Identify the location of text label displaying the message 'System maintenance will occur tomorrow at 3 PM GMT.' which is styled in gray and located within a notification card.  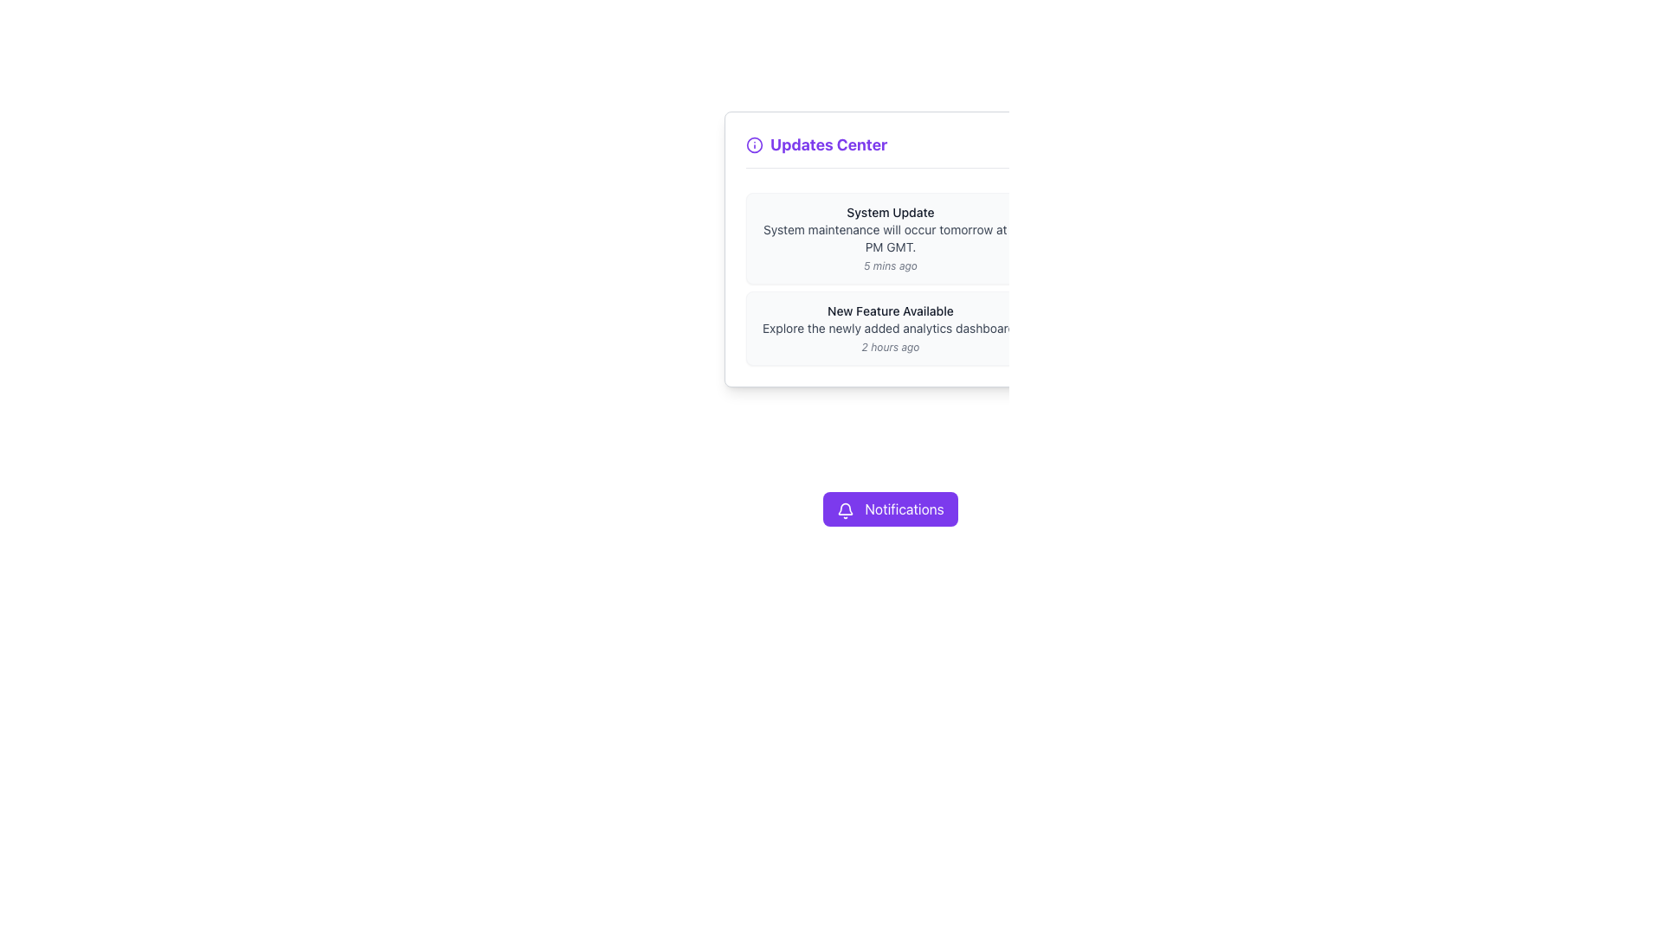
(890, 239).